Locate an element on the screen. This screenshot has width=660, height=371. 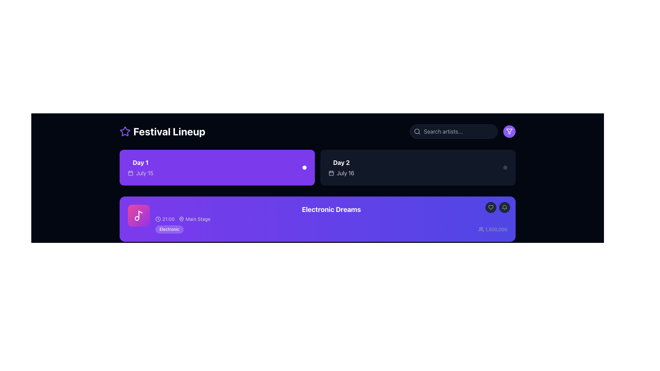
the decorative star icon in the 'Festival Lineup' section located at the top-left corner of the interface is located at coordinates (125, 131).